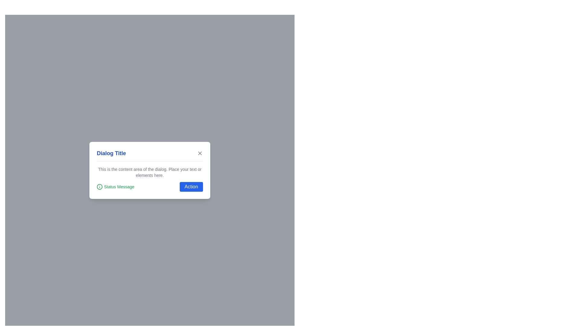 This screenshot has width=580, height=326. Describe the element at coordinates (100, 186) in the screenshot. I see `the circular icon element that is part of an icon group, located to the left of the 'Status Message' label in the dialog box` at that location.